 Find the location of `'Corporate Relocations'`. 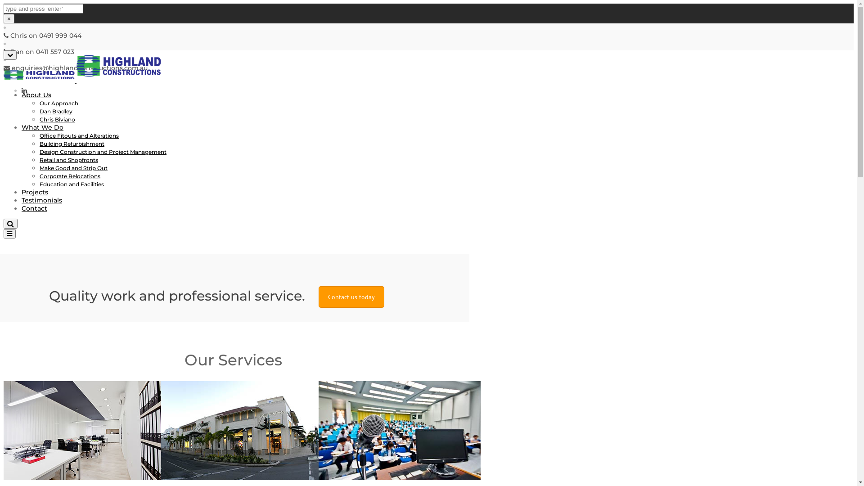

'Corporate Relocations' is located at coordinates (69, 176).